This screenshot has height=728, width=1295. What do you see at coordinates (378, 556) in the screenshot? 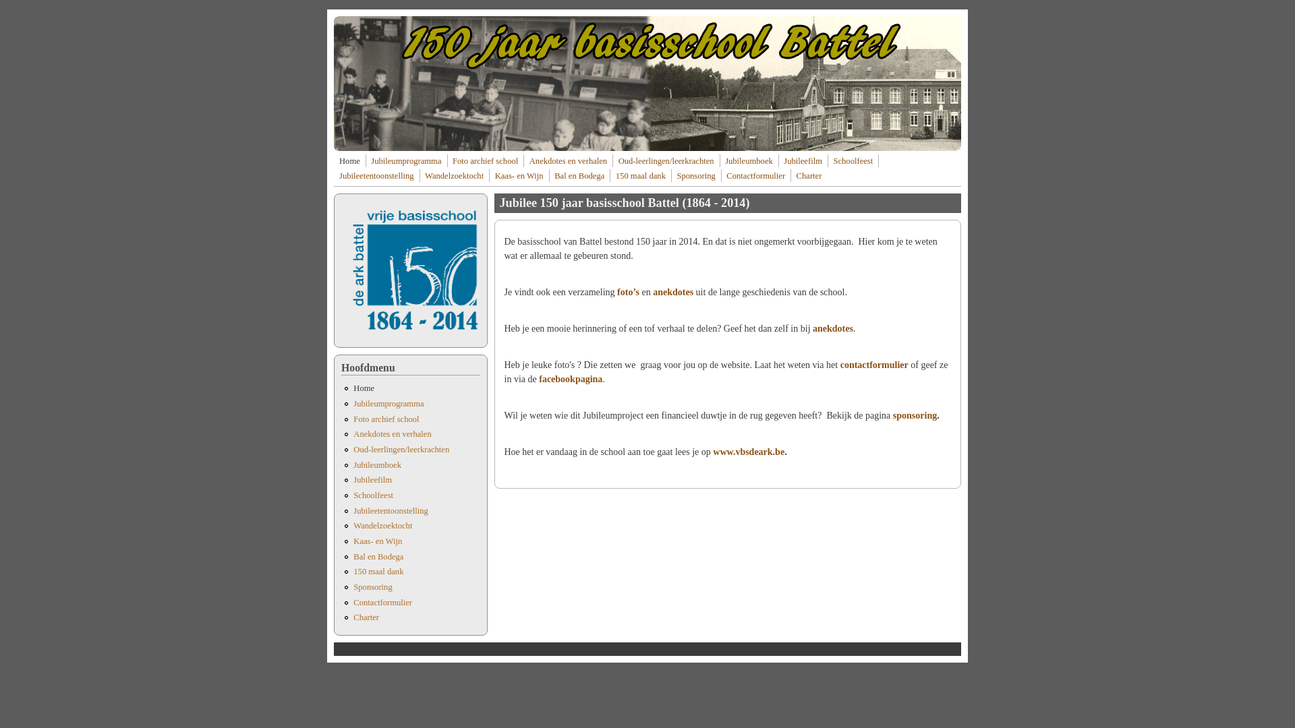
I see `'Bal en Bodega'` at bounding box center [378, 556].